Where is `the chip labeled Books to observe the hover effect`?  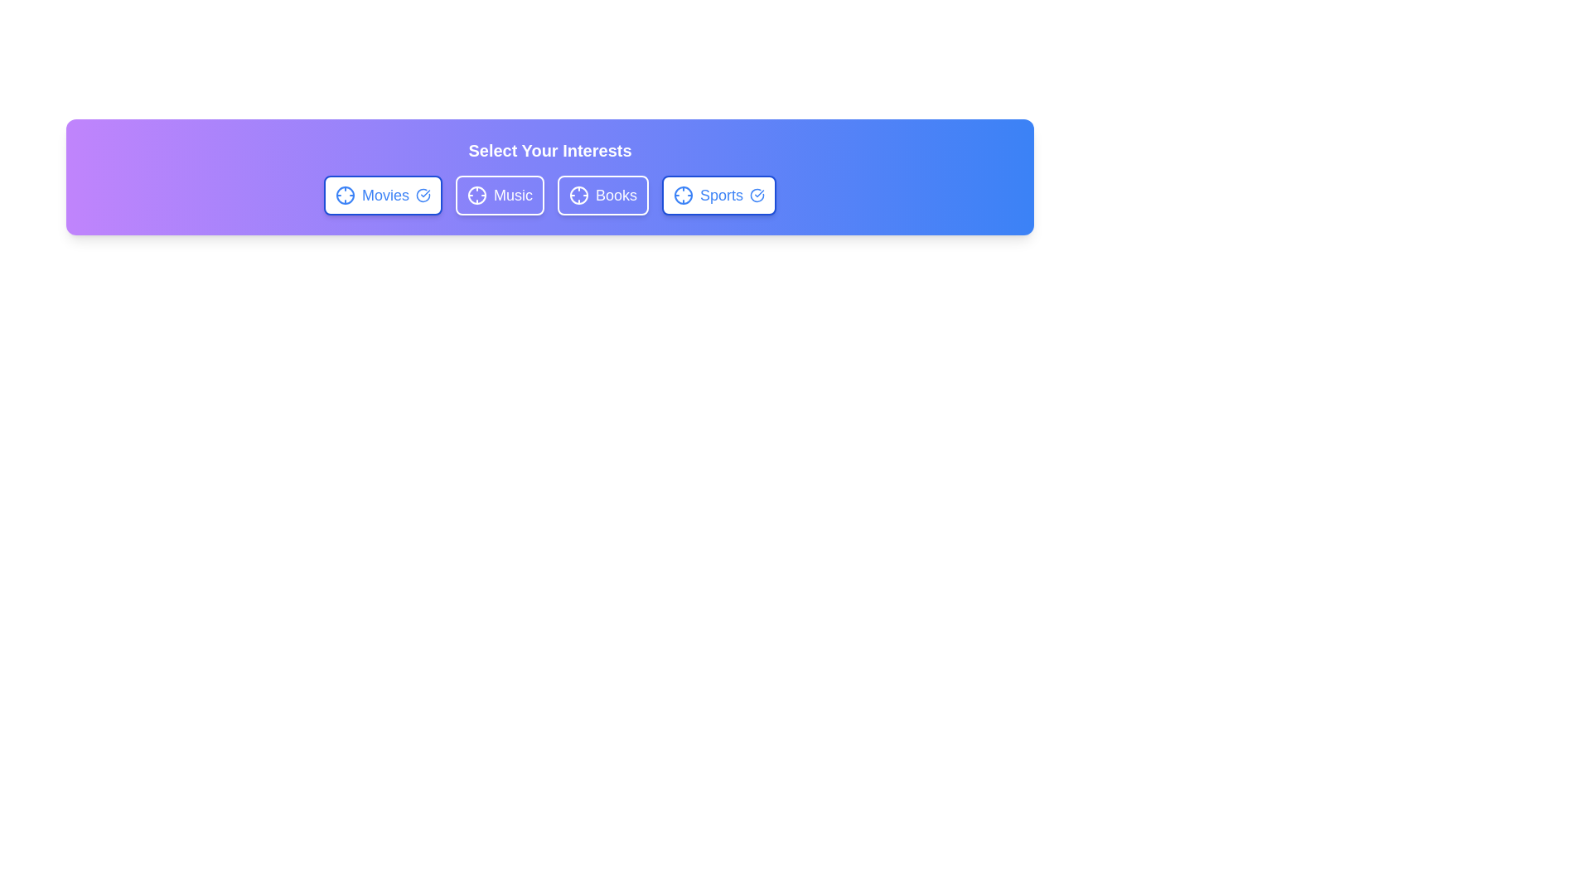 the chip labeled Books to observe the hover effect is located at coordinates (602, 194).